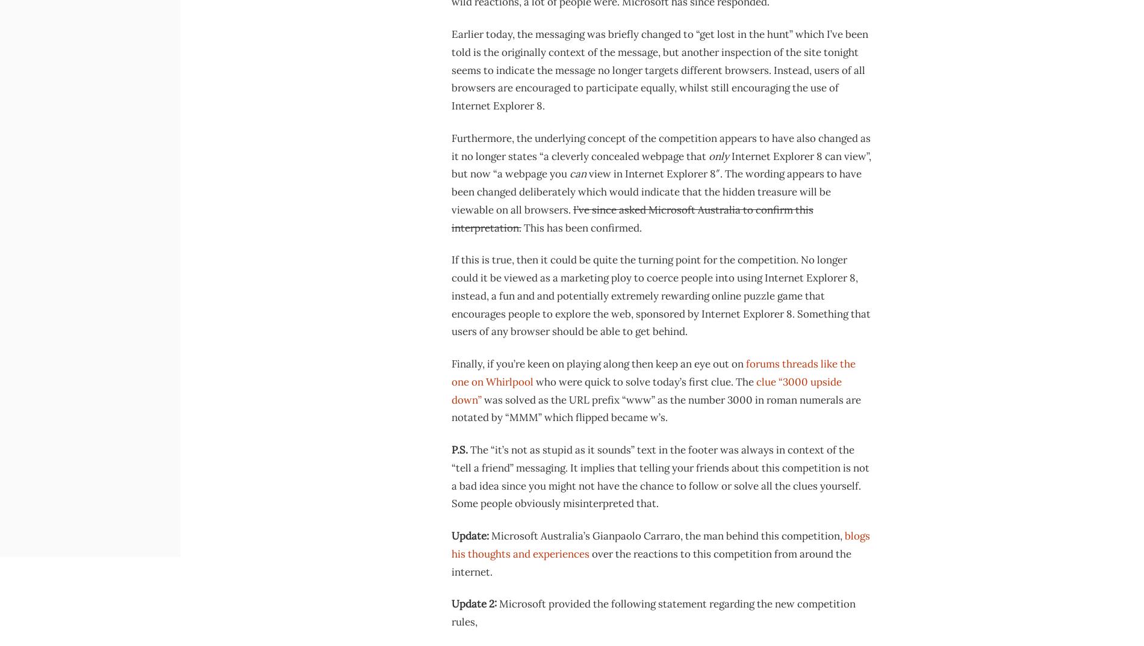 This screenshot has width=1144, height=646. Describe the element at coordinates (718, 155) in the screenshot. I see `'only'` at that location.